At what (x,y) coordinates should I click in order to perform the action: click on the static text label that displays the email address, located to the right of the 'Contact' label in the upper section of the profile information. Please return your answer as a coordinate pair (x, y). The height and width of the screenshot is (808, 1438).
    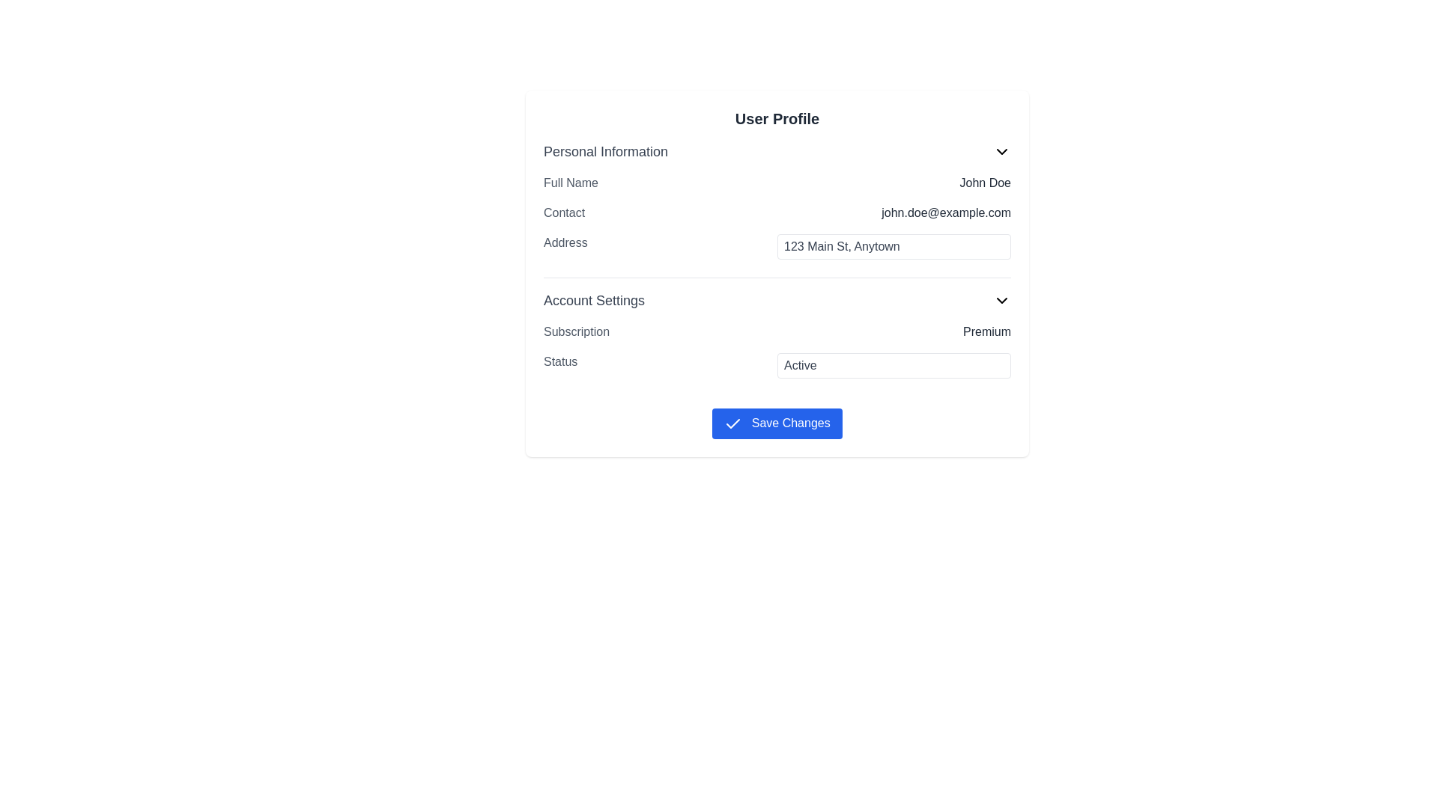
    Looking at the image, I should click on (945, 213).